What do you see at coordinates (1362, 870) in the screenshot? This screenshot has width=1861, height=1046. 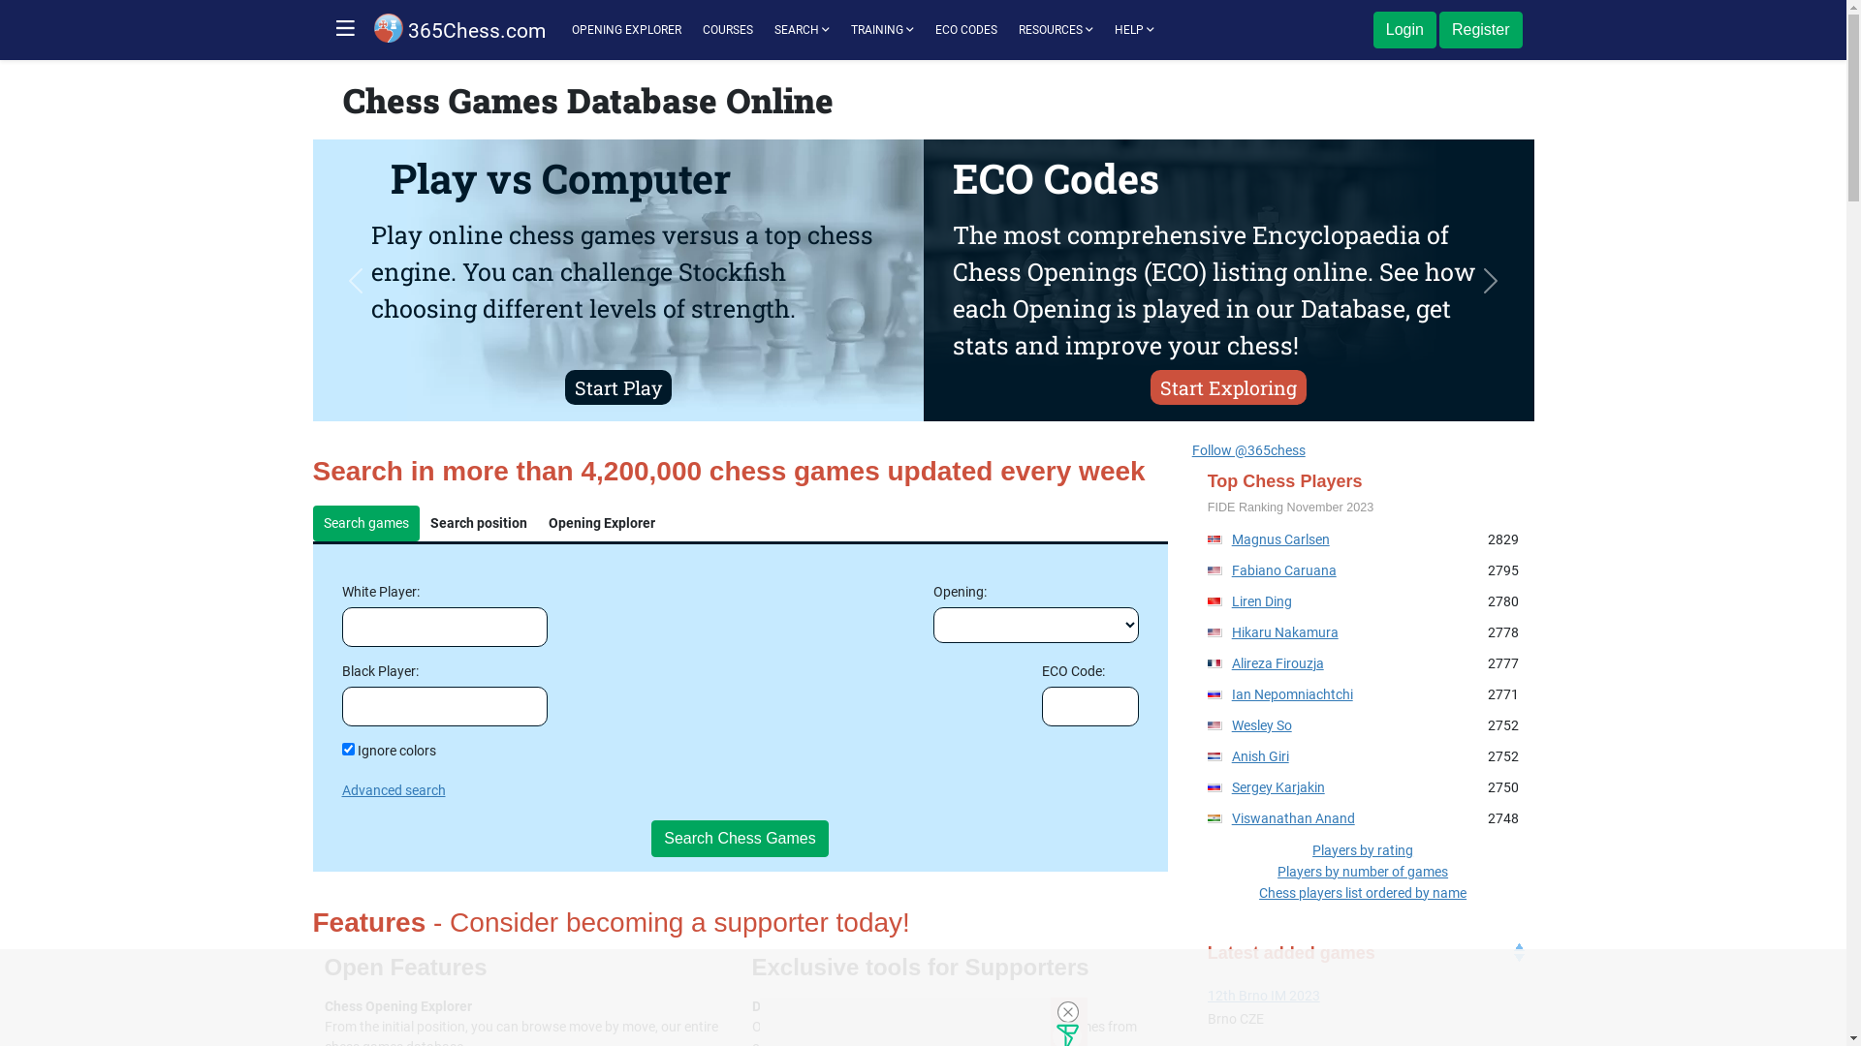 I see `'Players by number of games'` at bounding box center [1362, 870].